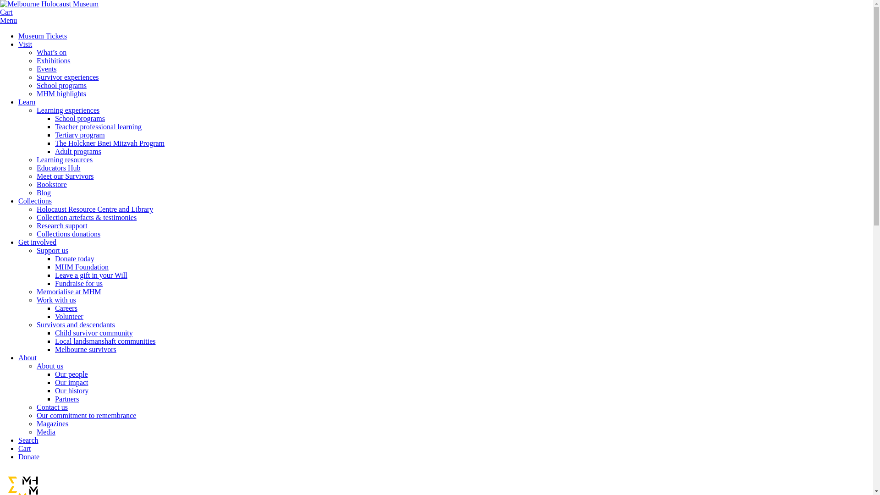  What do you see at coordinates (105, 341) in the screenshot?
I see `'Local landsmanshaft communities'` at bounding box center [105, 341].